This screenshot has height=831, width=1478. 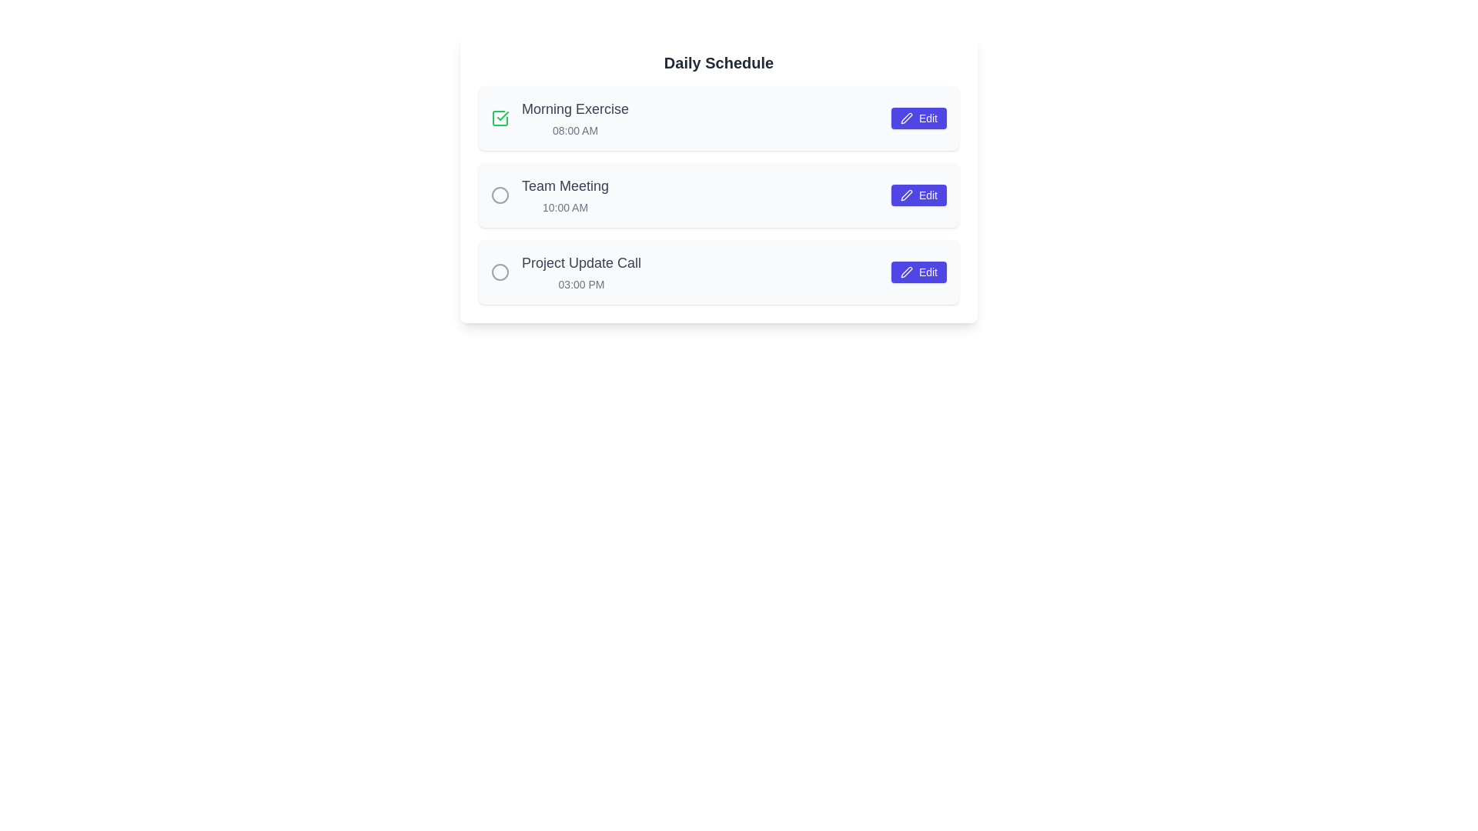 What do you see at coordinates (564, 208) in the screenshot?
I see `the text label displaying the scheduled time of the event 'Team Meeting', which is positioned below the main title in the second event block` at bounding box center [564, 208].